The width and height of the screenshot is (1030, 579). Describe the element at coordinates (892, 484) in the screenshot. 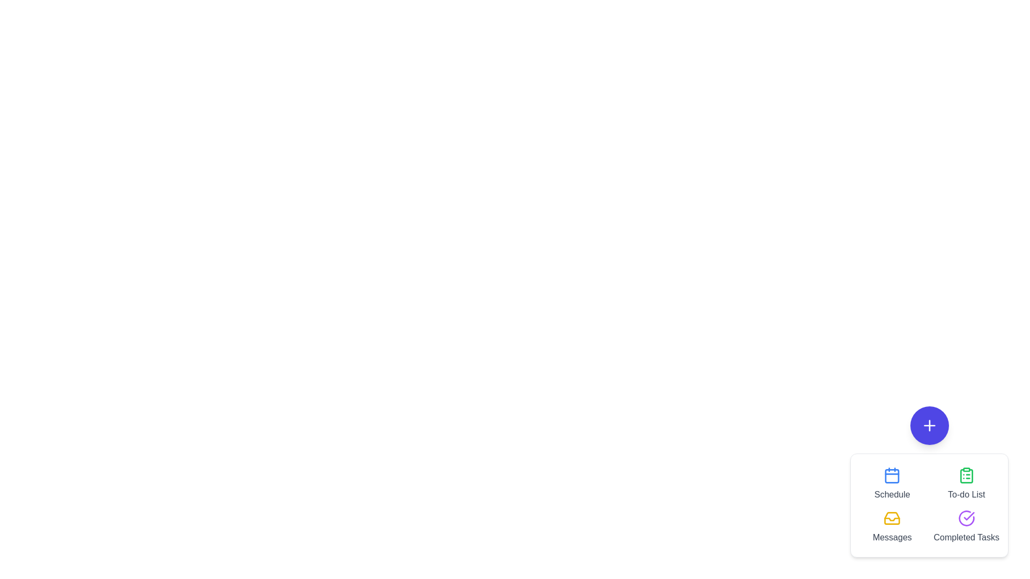

I see `the 'Schedule' button` at that location.